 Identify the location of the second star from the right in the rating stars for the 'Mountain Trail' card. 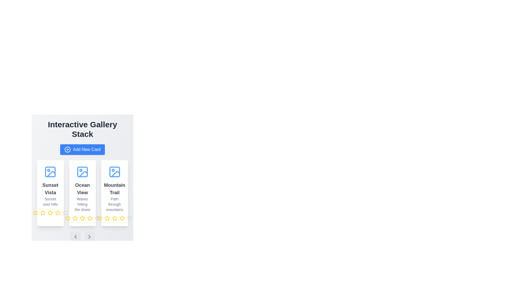
(107, 218).